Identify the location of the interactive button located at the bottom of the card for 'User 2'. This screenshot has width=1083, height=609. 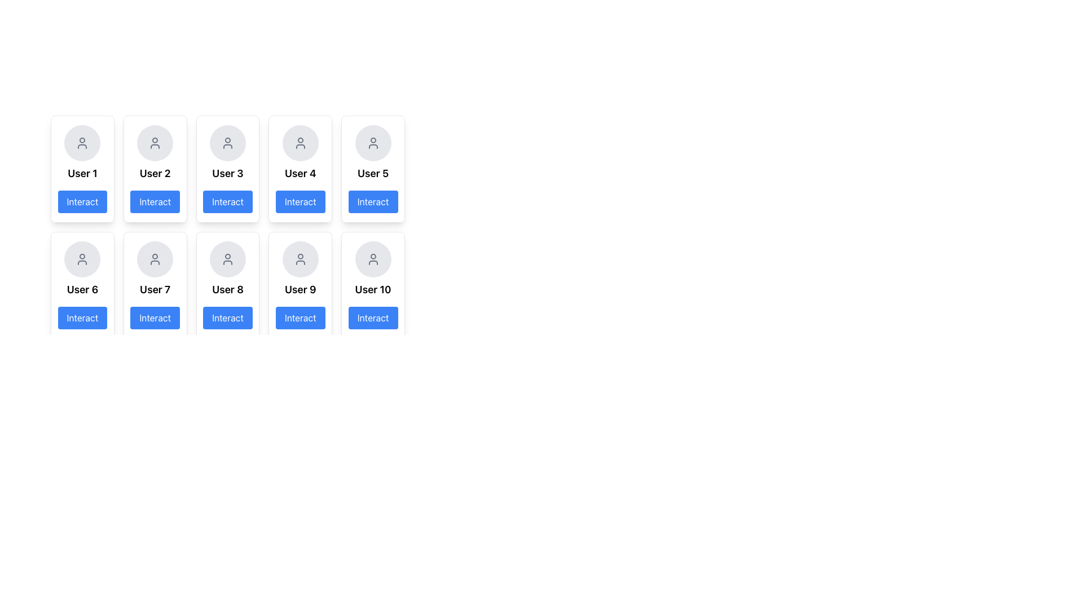
(155, 201).